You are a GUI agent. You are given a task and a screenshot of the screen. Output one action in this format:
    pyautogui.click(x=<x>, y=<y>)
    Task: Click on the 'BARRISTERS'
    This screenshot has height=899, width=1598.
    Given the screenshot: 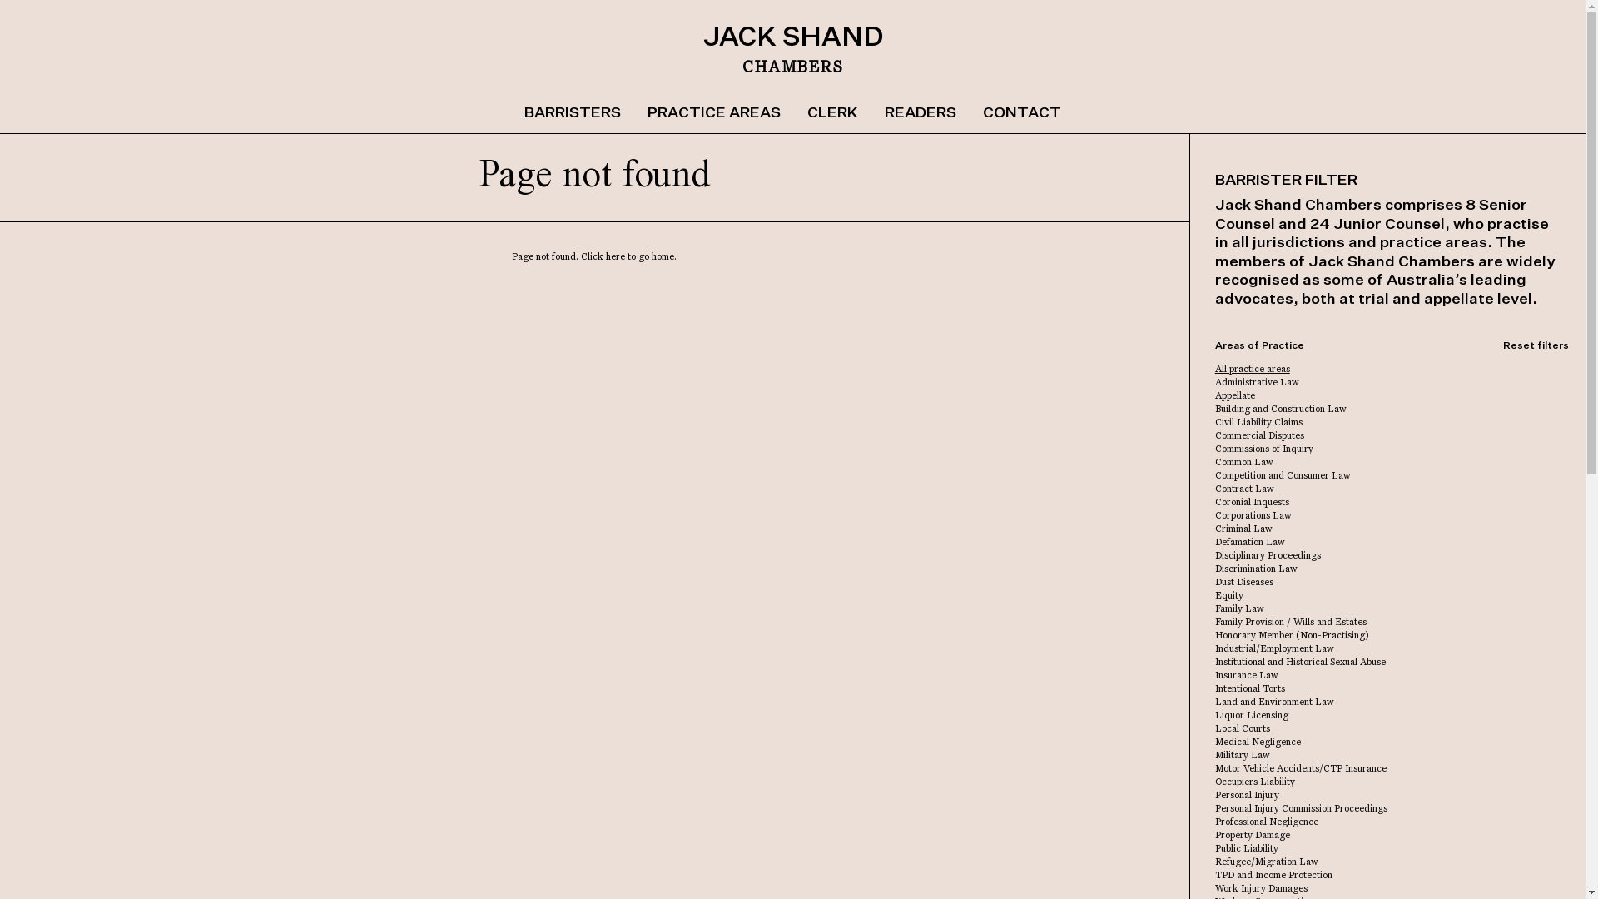 What is the action you would take?
    pyautogui.click(x=572, y=112)
    